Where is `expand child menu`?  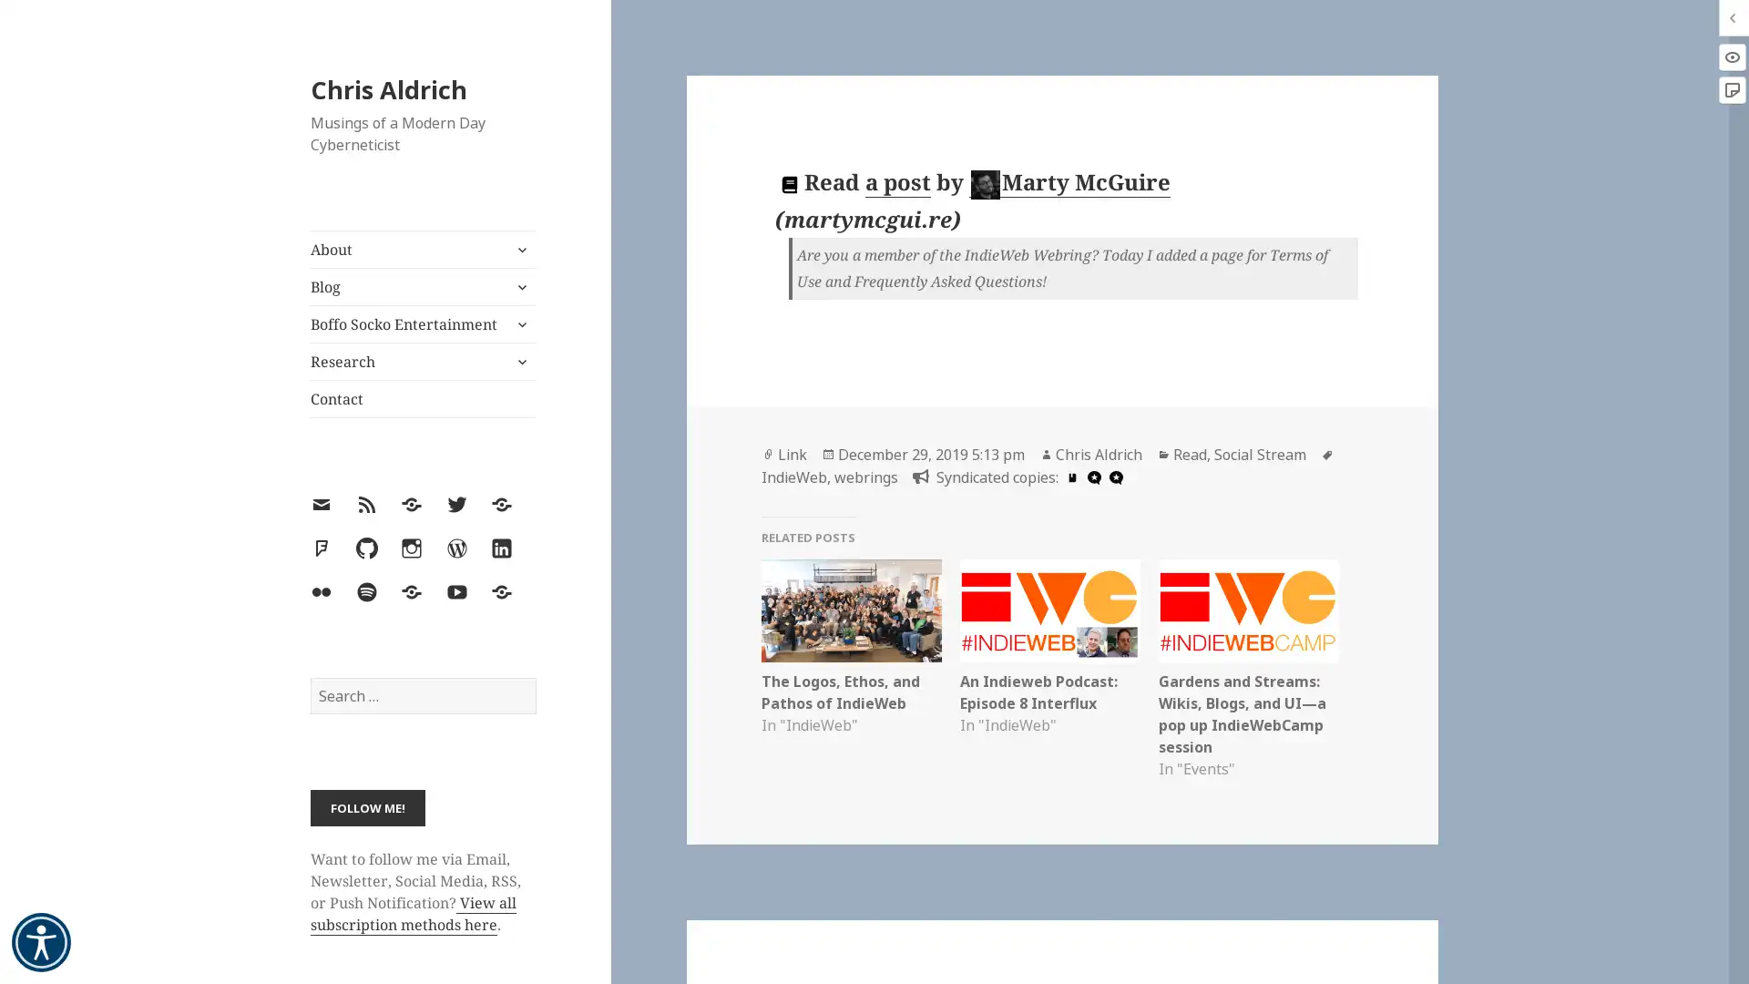
expand child menu is located at coordinates (519, 287).